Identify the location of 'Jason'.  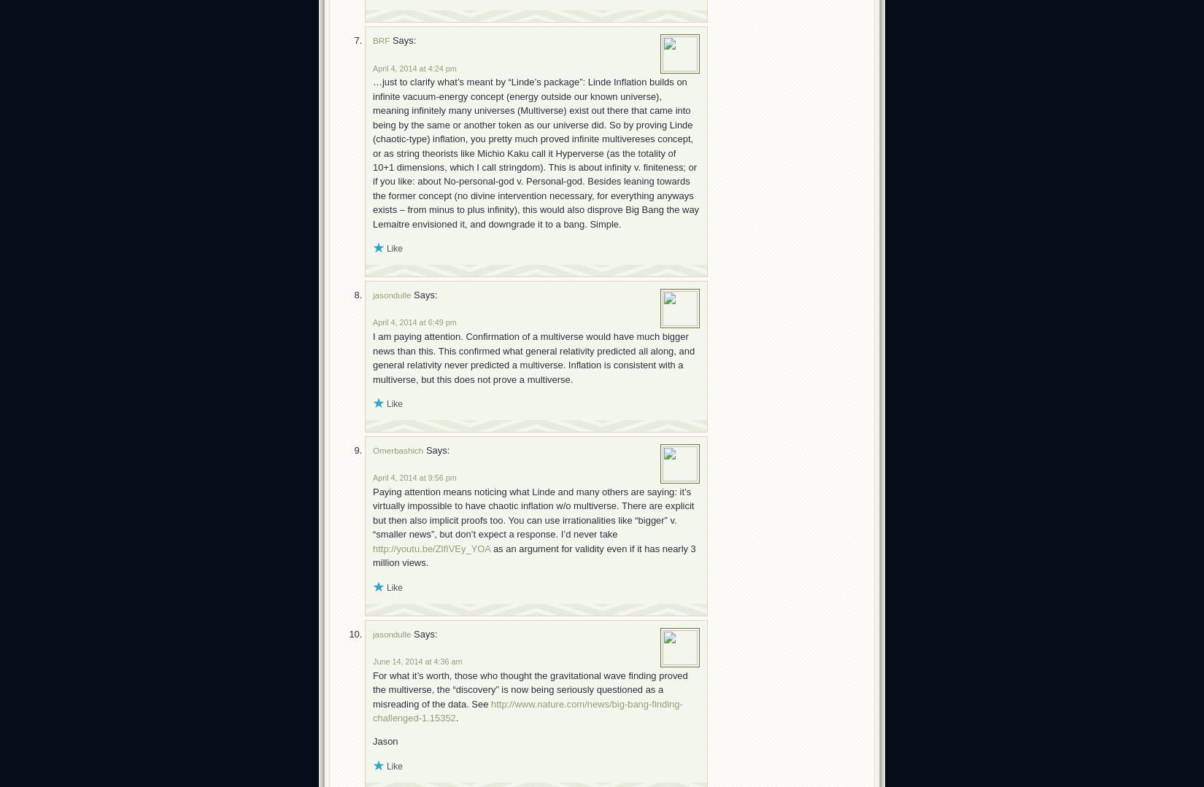
(372, 741).